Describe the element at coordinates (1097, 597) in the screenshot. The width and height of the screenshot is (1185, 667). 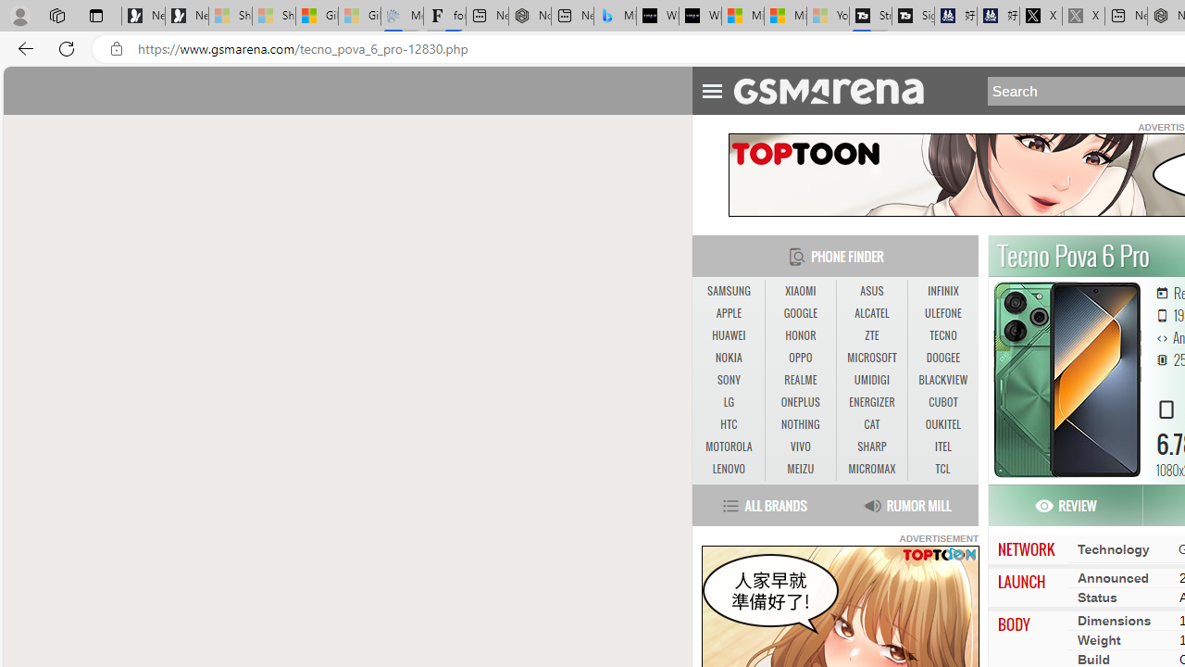
I see `'Status'` at that location.